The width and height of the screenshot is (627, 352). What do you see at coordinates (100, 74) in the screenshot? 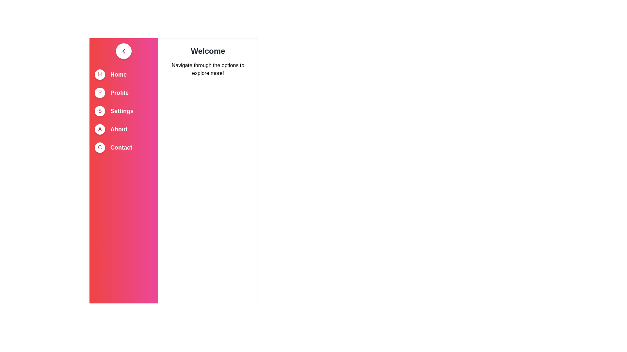
I see `the circle icon corresponding to Home` at bounding box center [100, 74].